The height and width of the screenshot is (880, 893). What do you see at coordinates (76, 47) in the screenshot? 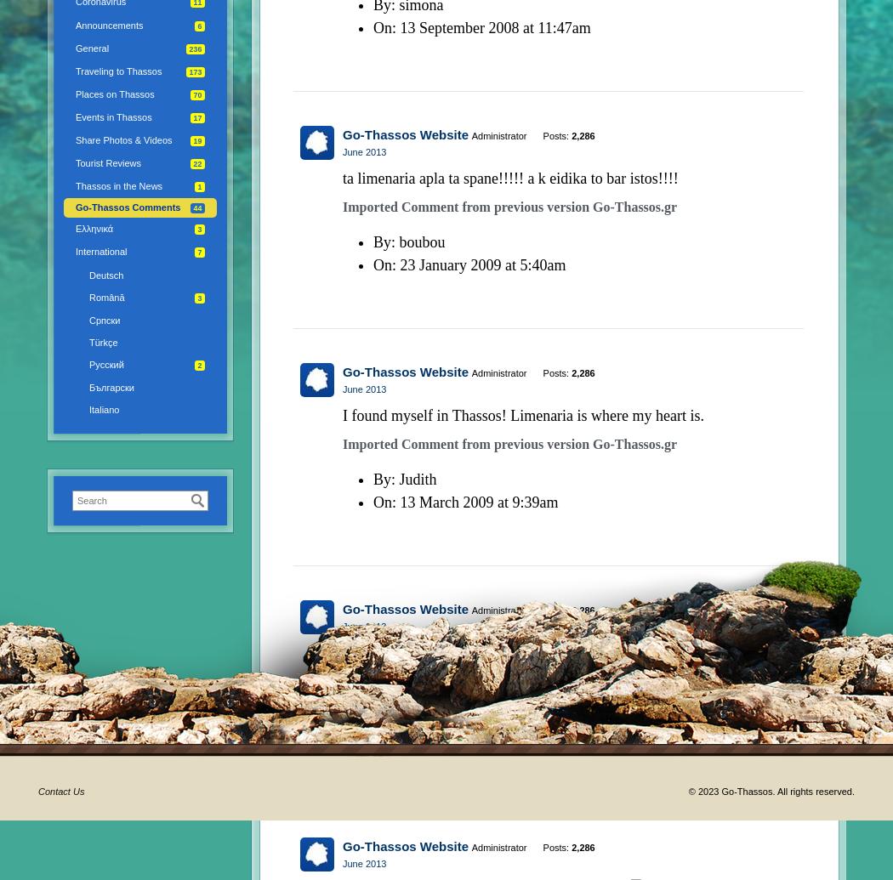
I see `'General'` at bounding box center [76, 47].